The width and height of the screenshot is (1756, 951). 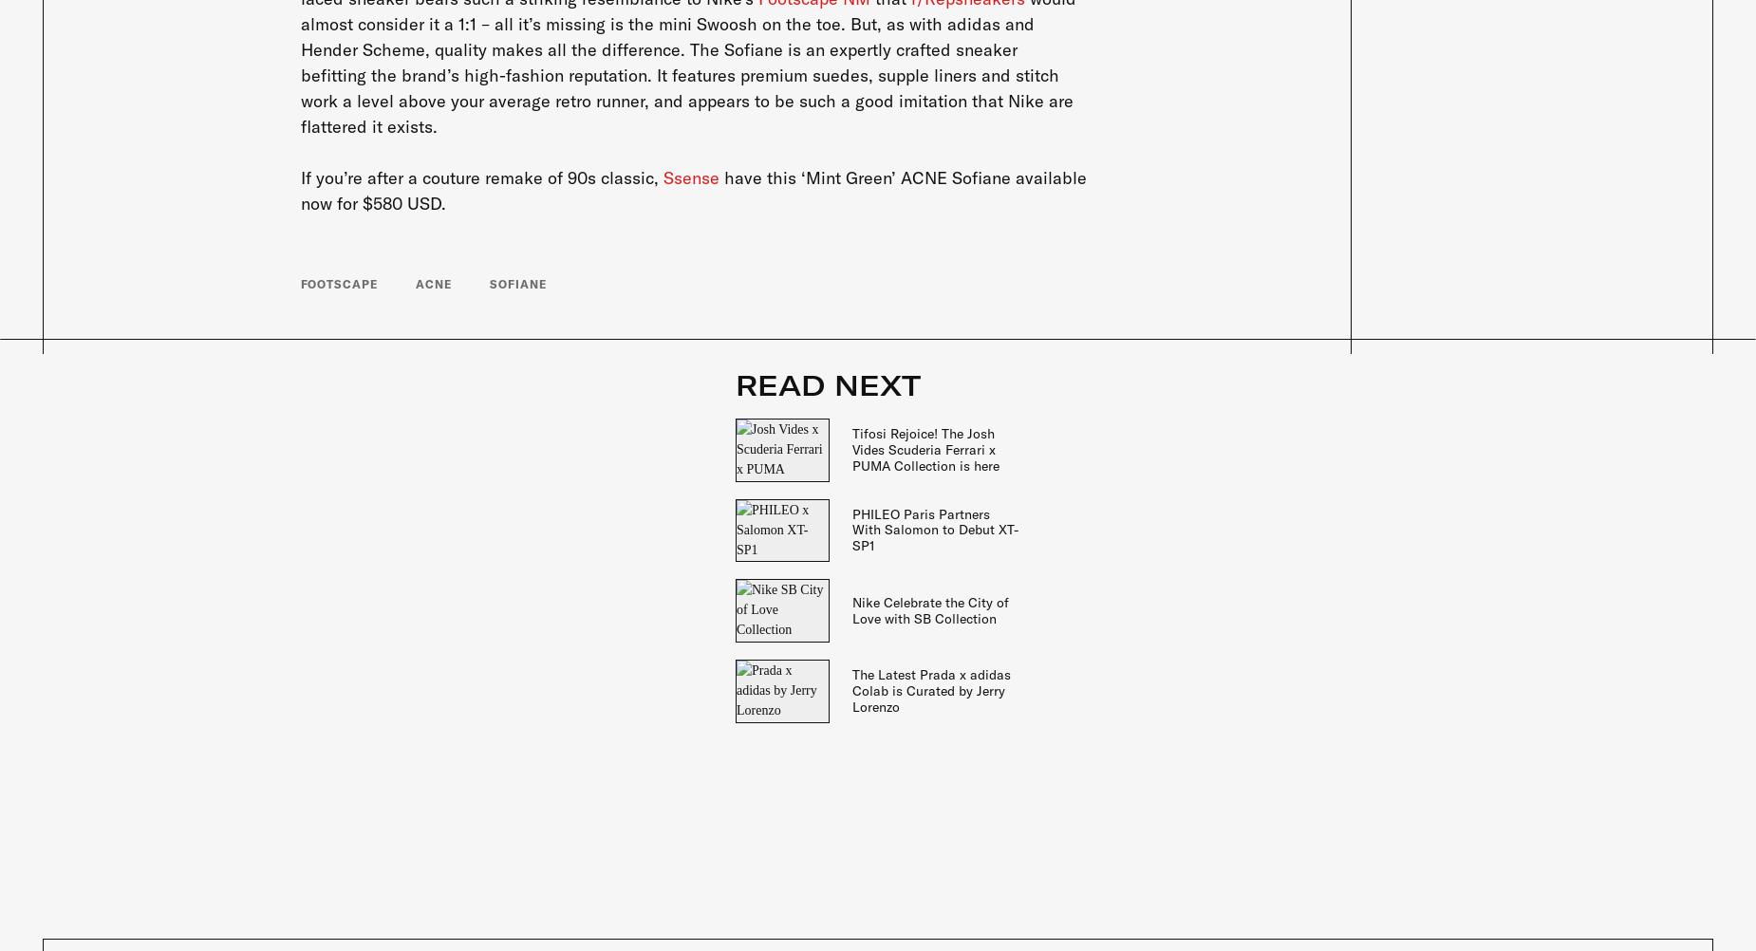 What do you see at coordinates (930, 690) in the screenshot?
I see `'The Latest Prada x adidas Colab is Curated by Jerry Lorenzo'` at bounding box center [930, 690].